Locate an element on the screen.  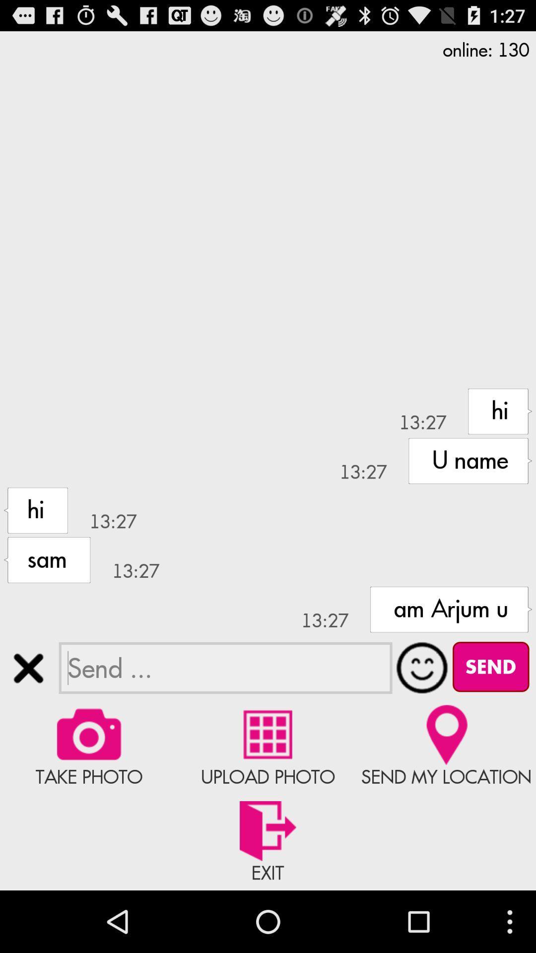
the emoji icon is located at coordinates (422, 715).